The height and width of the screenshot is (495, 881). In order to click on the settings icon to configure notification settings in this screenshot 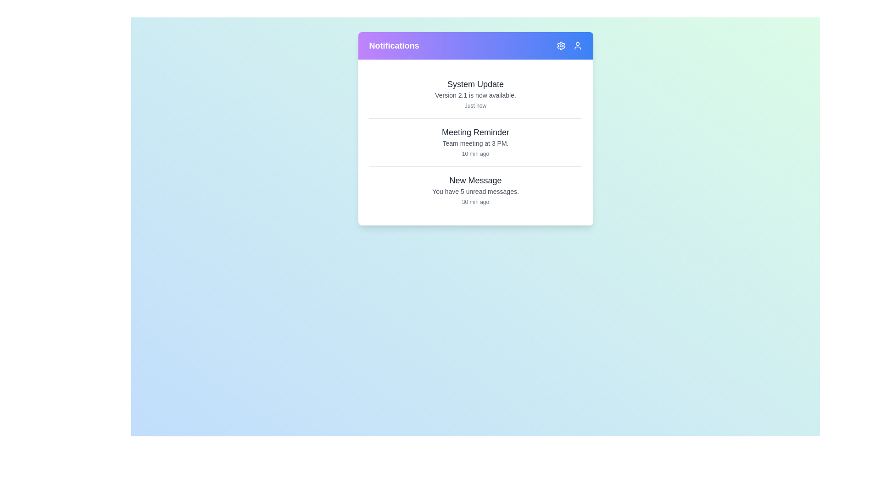, I will do `click(560, 46)`.